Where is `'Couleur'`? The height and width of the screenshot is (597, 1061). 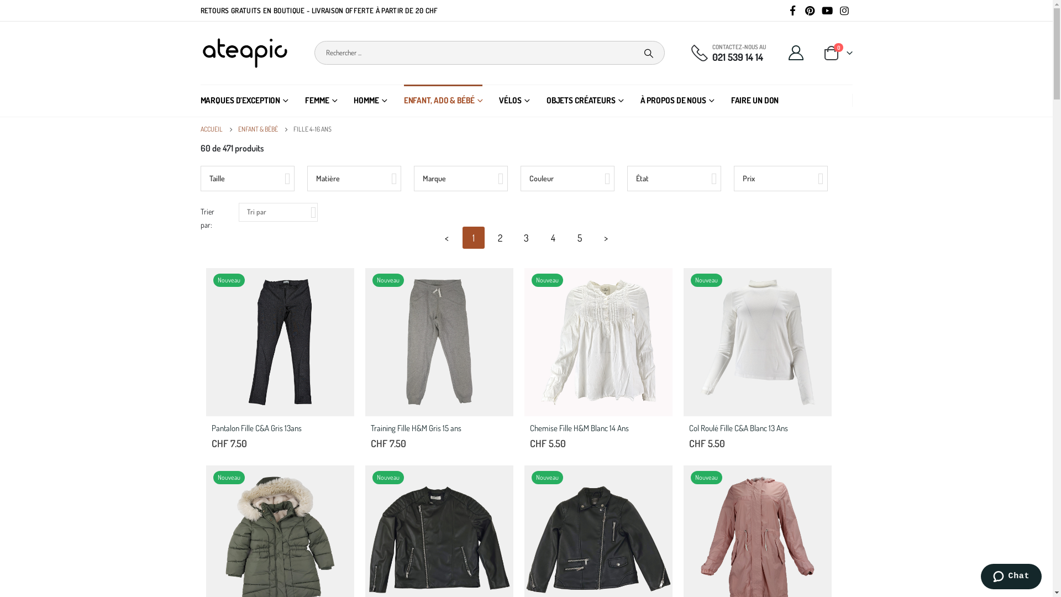
'Couleur' is located at coordinates (568, 178).